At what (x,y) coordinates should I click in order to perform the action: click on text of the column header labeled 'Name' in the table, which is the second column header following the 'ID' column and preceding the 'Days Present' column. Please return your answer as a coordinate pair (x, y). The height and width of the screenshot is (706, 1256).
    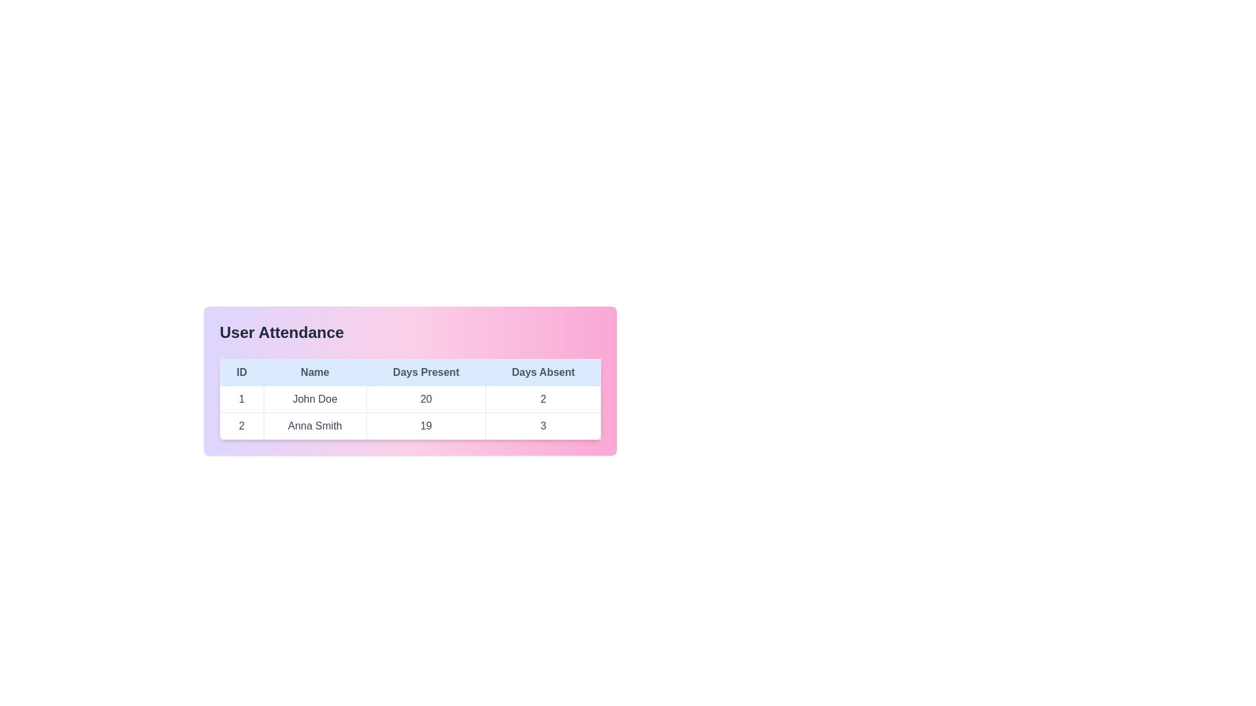
    Looking at the image, I should click on (315, 373).